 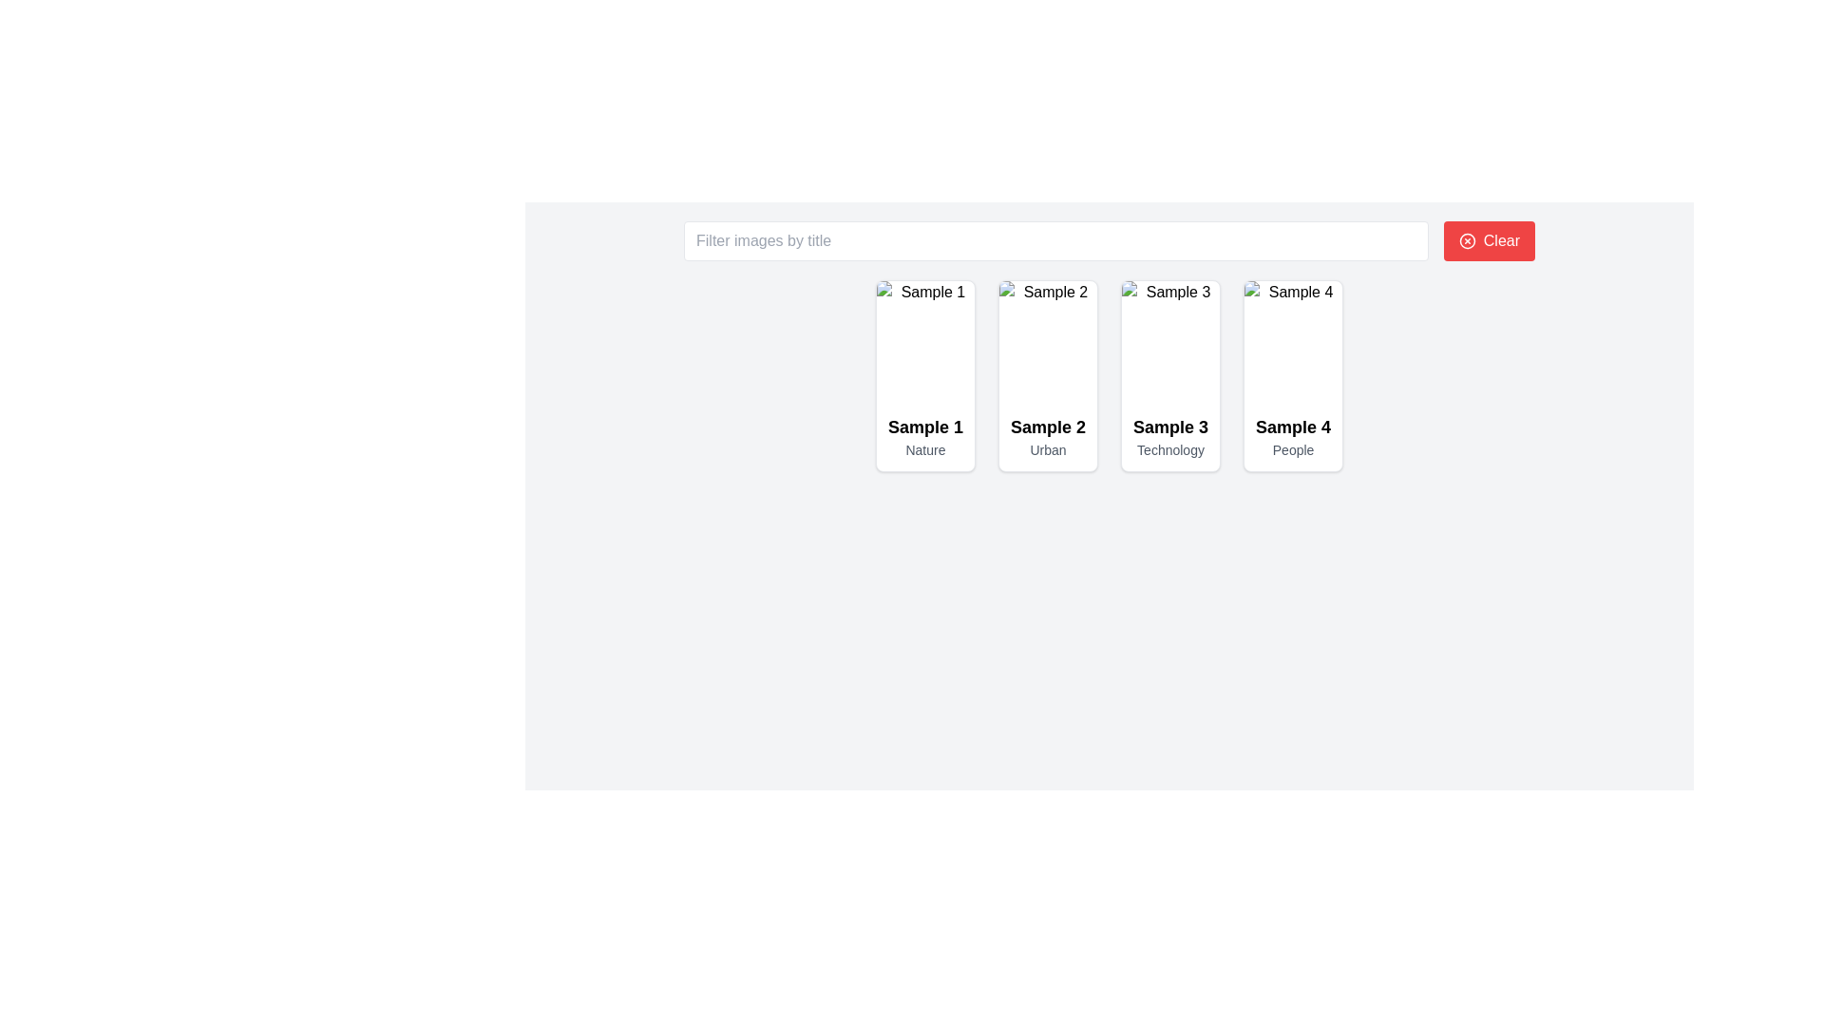 I want to click on the card element labeled 'Sample 2' with the descriptor 'Urban', which is the second tile in a grid of four items, so click(x=1047, y=376).